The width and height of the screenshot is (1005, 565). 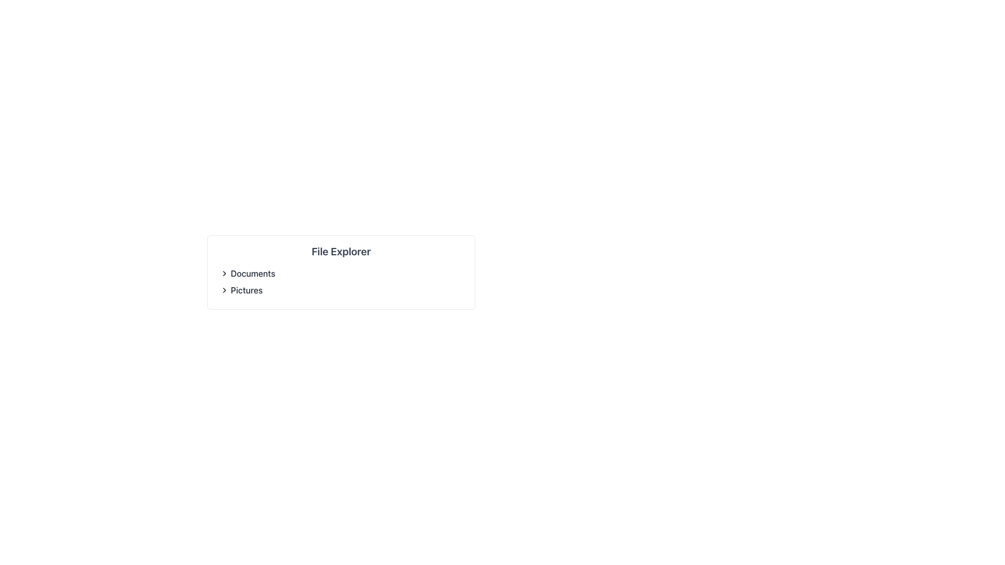 What do you see at coordinates (247, 273) in the screenshot?
I see `the first navigation item labeled 'Documents' in the File Explorer section` at bounding box center [247, 273].